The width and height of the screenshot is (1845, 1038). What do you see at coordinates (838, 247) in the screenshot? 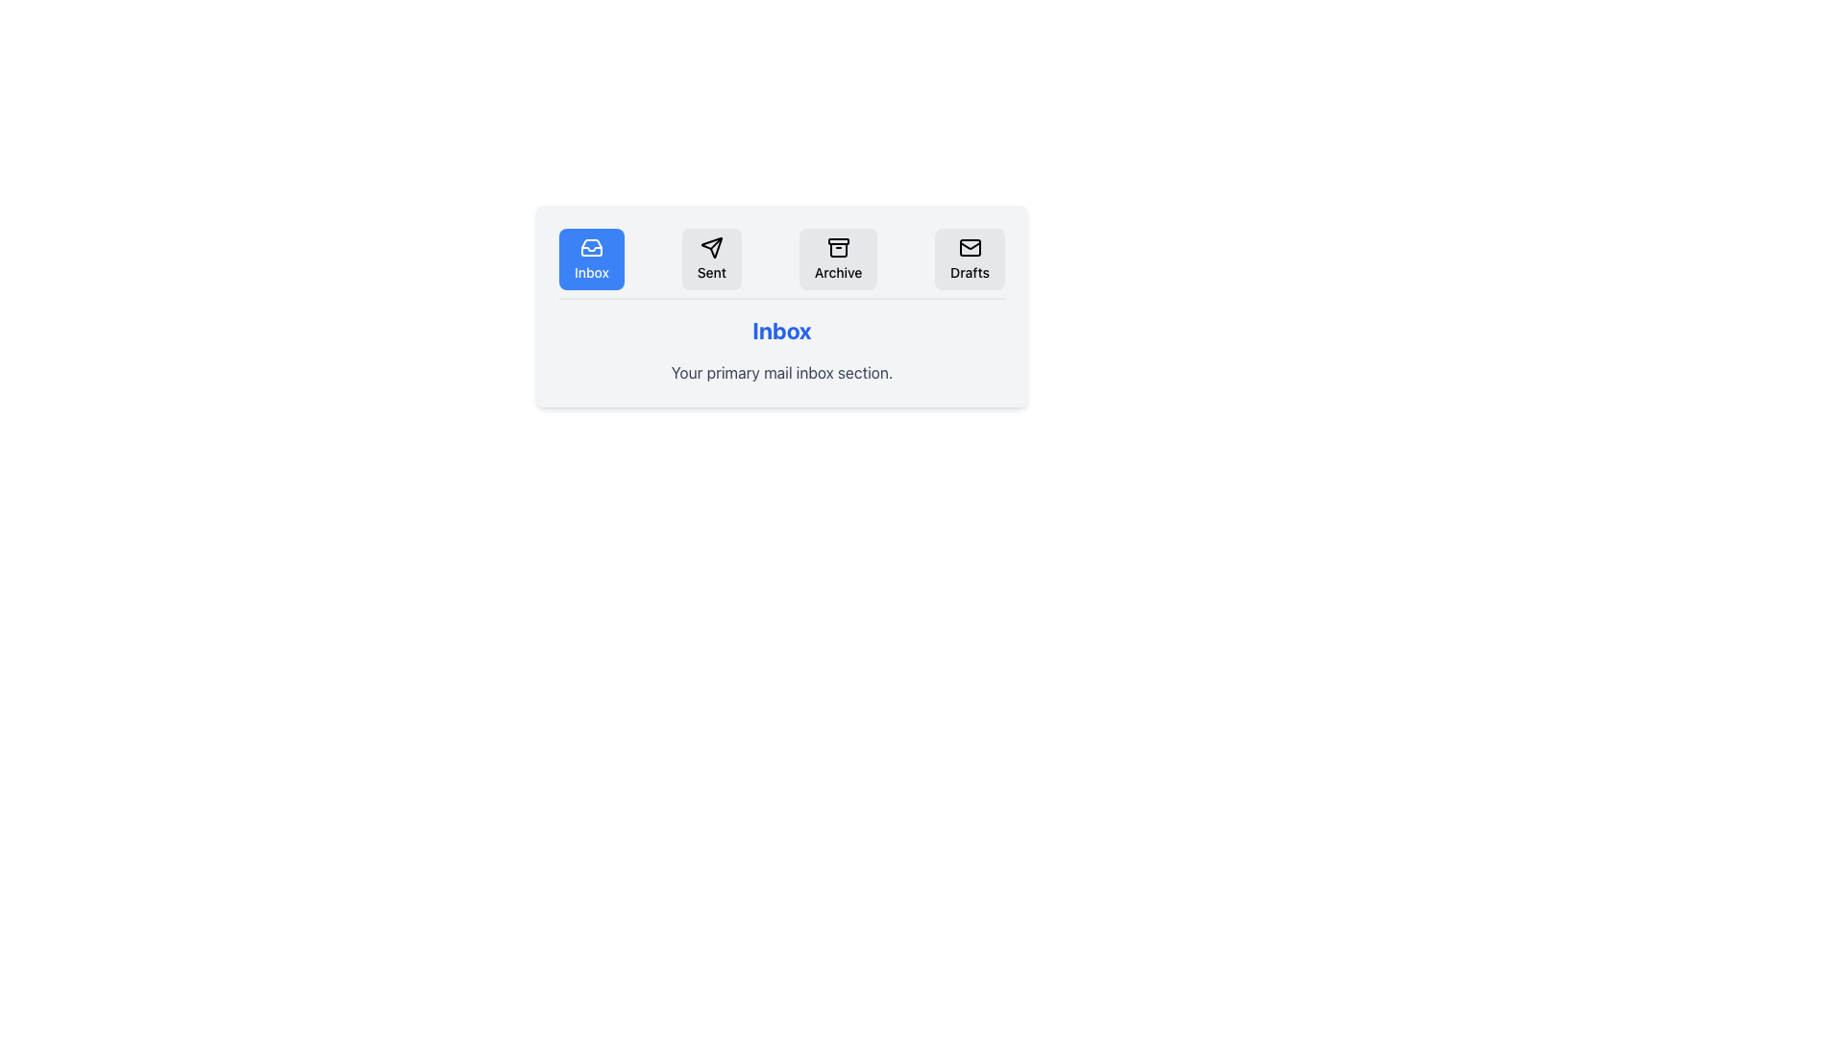
I see `the 'Archive' icon located in the header section, which is the third item in a horizontal group of four options` at bounding box center [838, 247].